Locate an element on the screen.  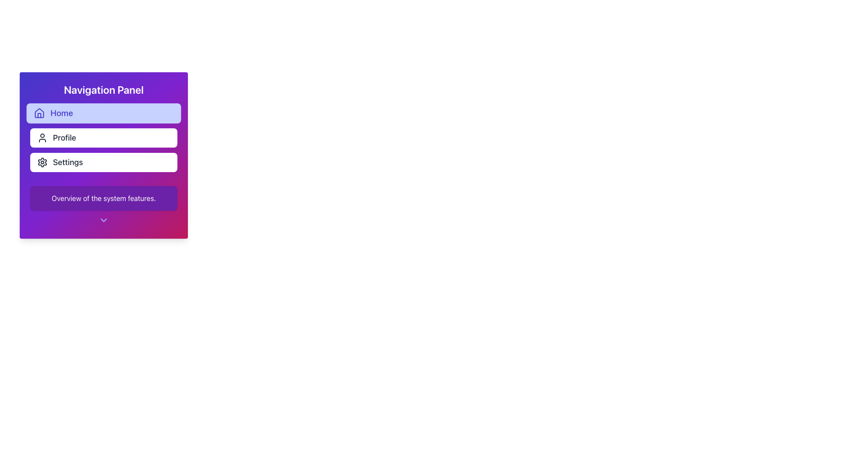
the downward-pointing chevron icon styled with a purple color scheme located directly below the 'Overview of the system features' button is located at coordinates (103, 221).